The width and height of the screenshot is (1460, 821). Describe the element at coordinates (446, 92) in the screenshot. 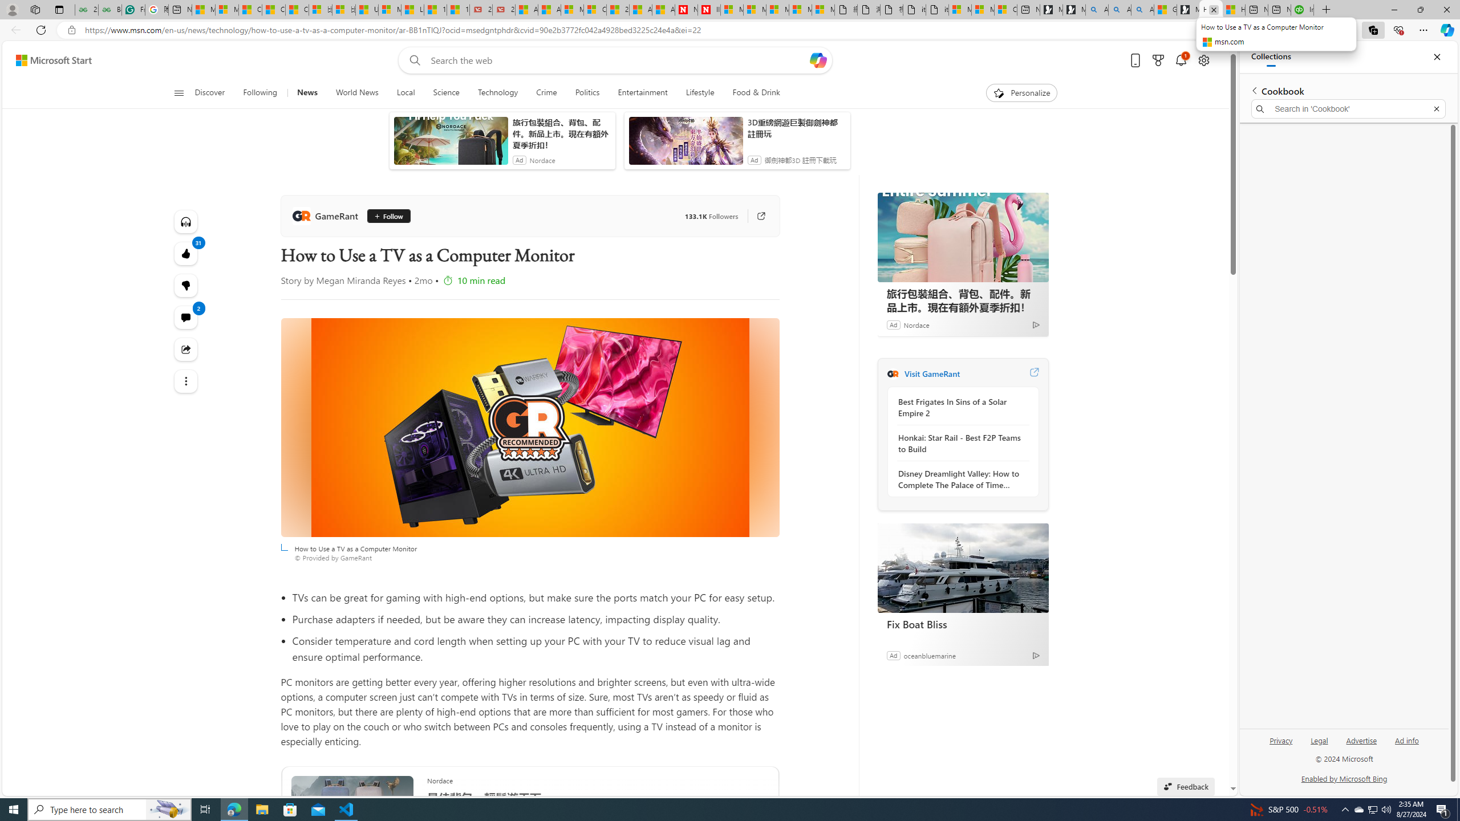

I see `'Science'` at that location.